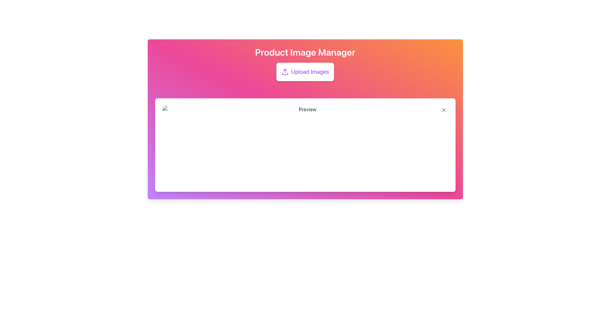 Image resolution: width=591 pixels, height=332 pixels. What do you see at coordinates (305, 145) in the screenshot?
I see `the image placeholder that displays a preview of uploaded images, which is located centrally within a rounded, shadowed white card beneath the upload section` at bounding box center [305, 145].